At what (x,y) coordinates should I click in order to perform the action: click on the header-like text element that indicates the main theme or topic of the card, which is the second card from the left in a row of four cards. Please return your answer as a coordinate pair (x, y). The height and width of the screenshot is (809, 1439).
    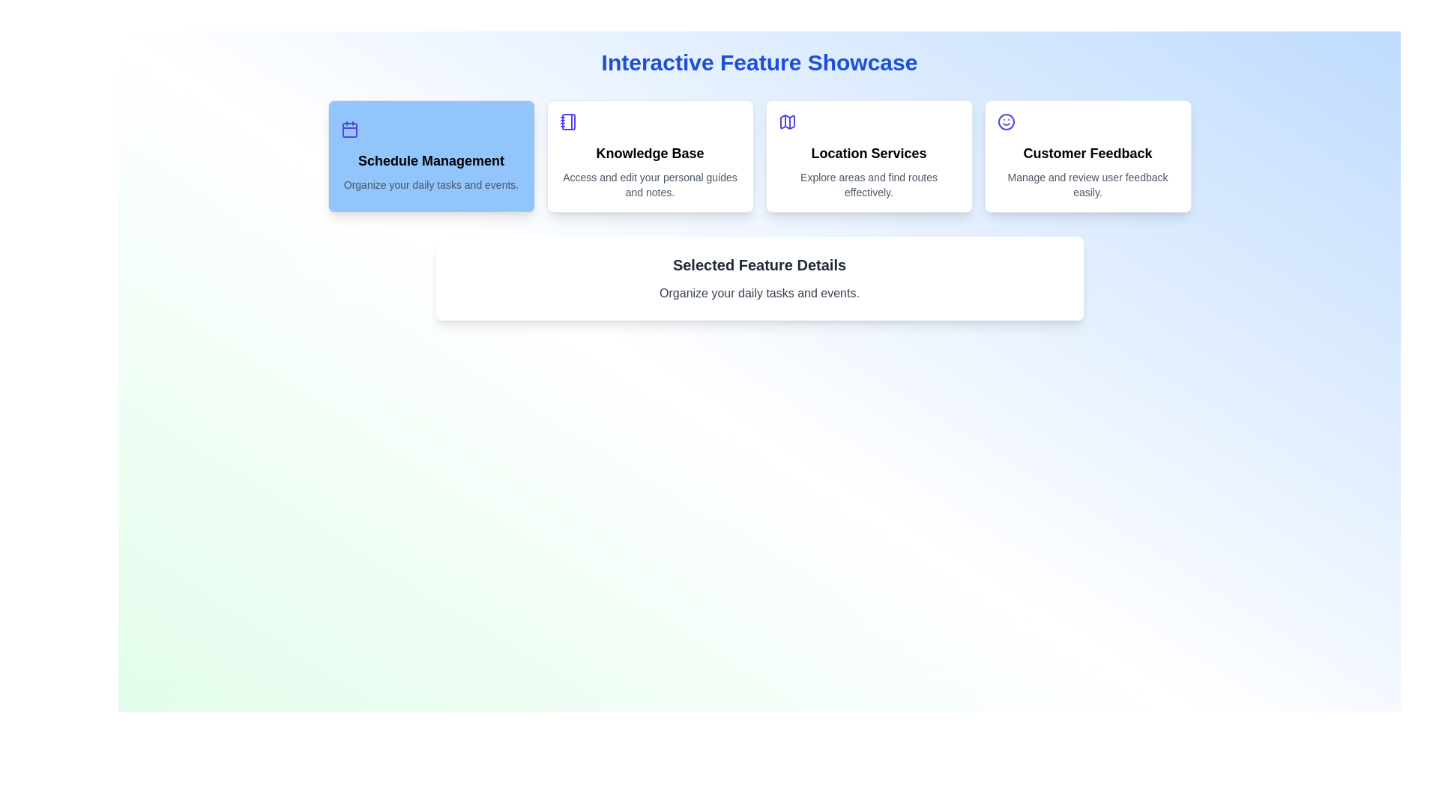
    Looking at the image, I should click on (650, 153).